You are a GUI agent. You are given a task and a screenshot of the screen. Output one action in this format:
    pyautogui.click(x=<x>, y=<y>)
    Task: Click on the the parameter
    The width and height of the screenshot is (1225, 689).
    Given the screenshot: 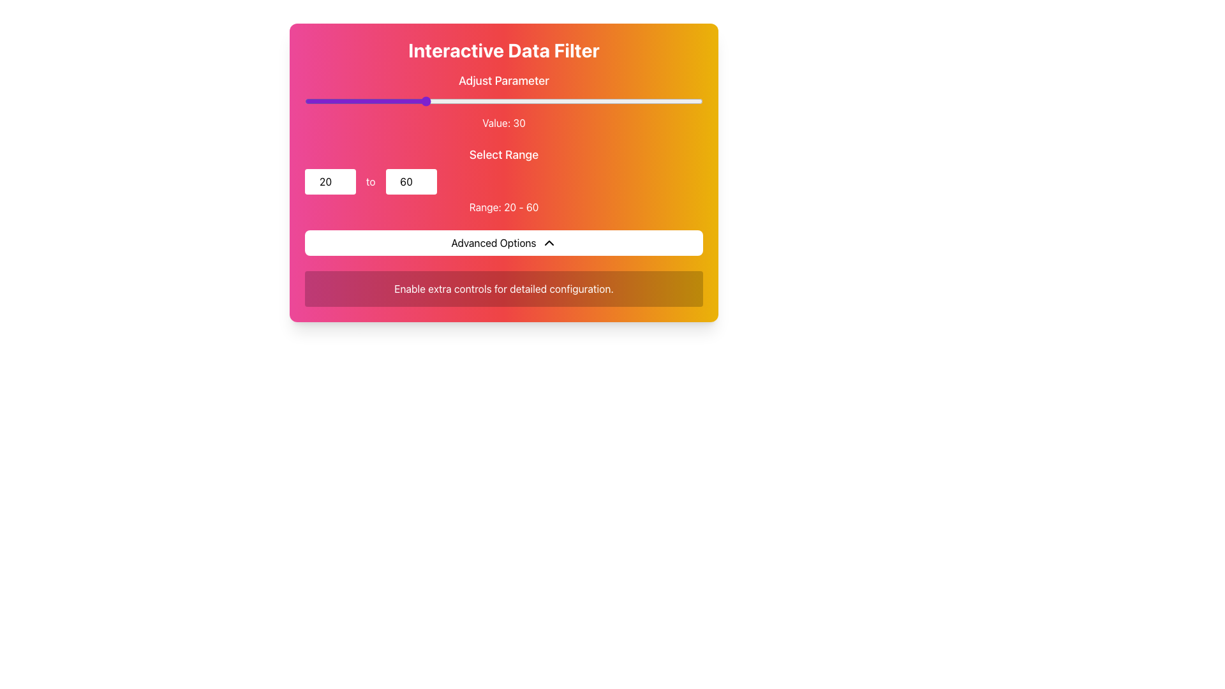 What is the action you would take?
    pyautogui.click(x=491, y=100)
    